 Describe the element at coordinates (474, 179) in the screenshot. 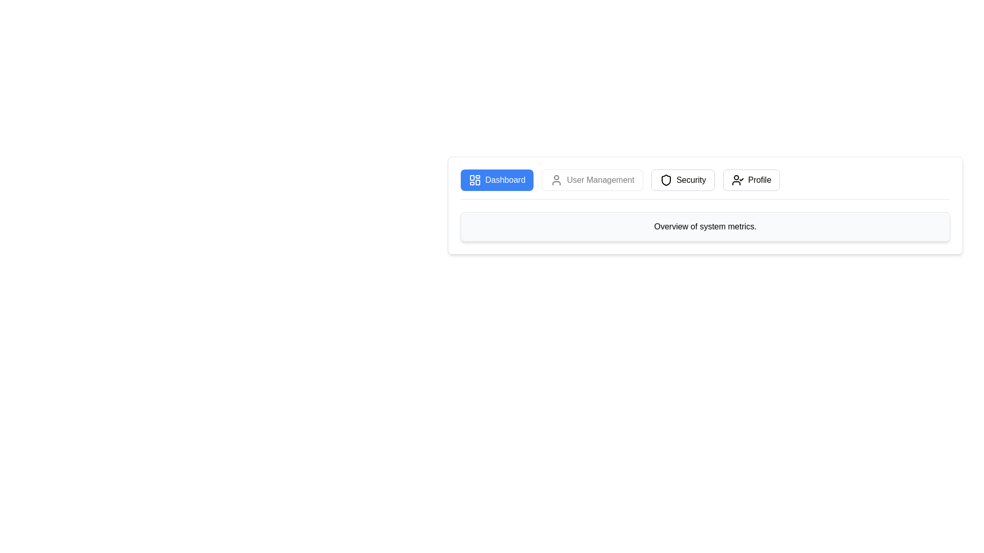

I see `the dashboard icon with a blue background and white details, which is located to the left of the text 'Dashboard' in the blue button at the top-left of the interface` at that location.